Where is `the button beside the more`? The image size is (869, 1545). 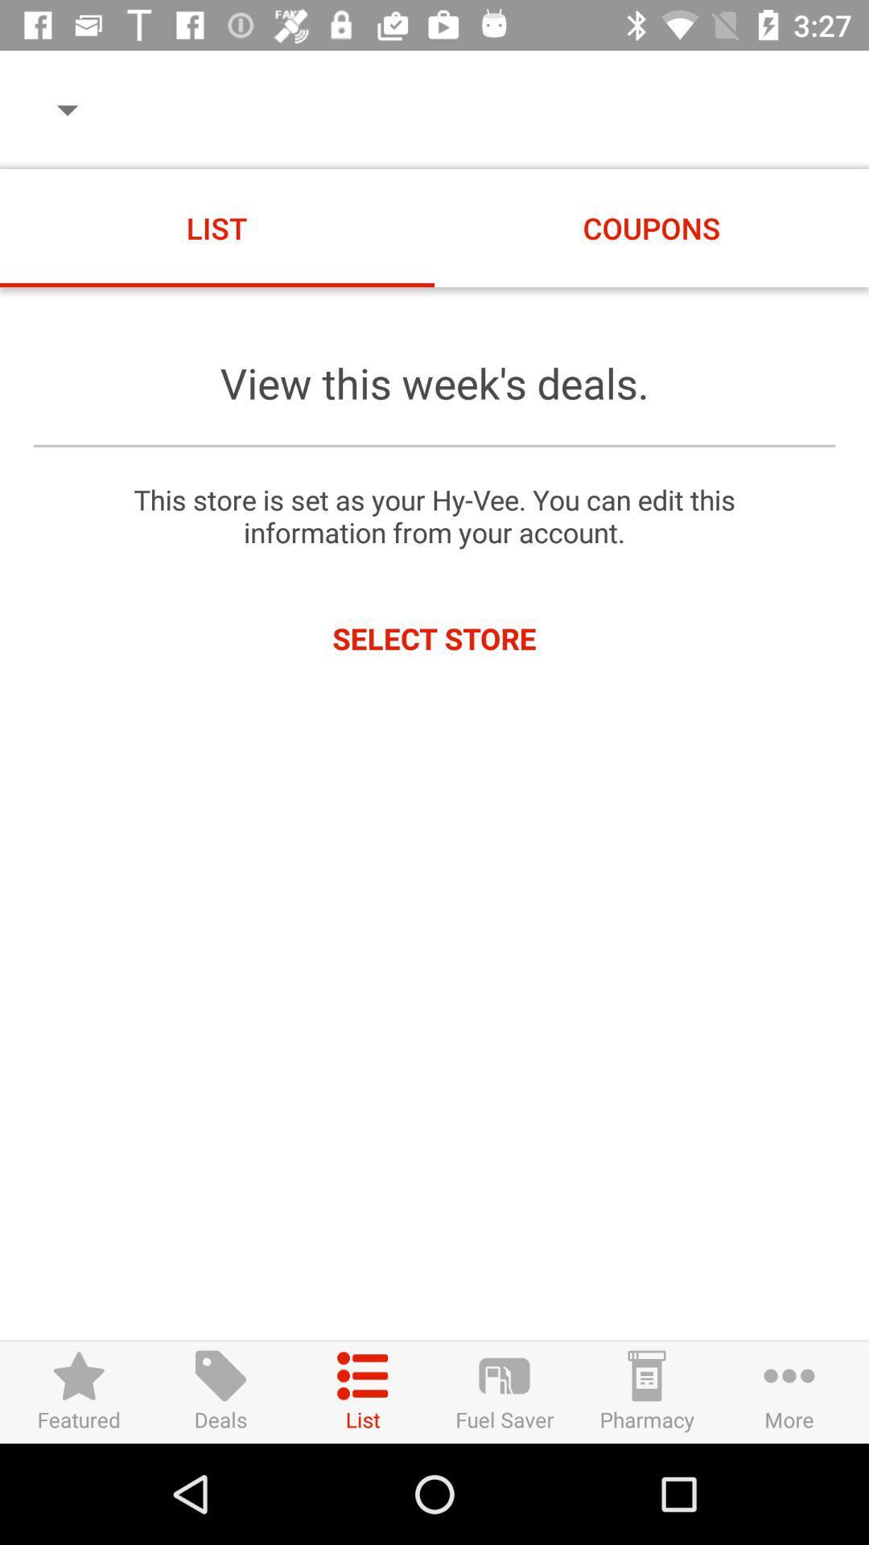
the button beside the more is located at coordinates (646, 1391).